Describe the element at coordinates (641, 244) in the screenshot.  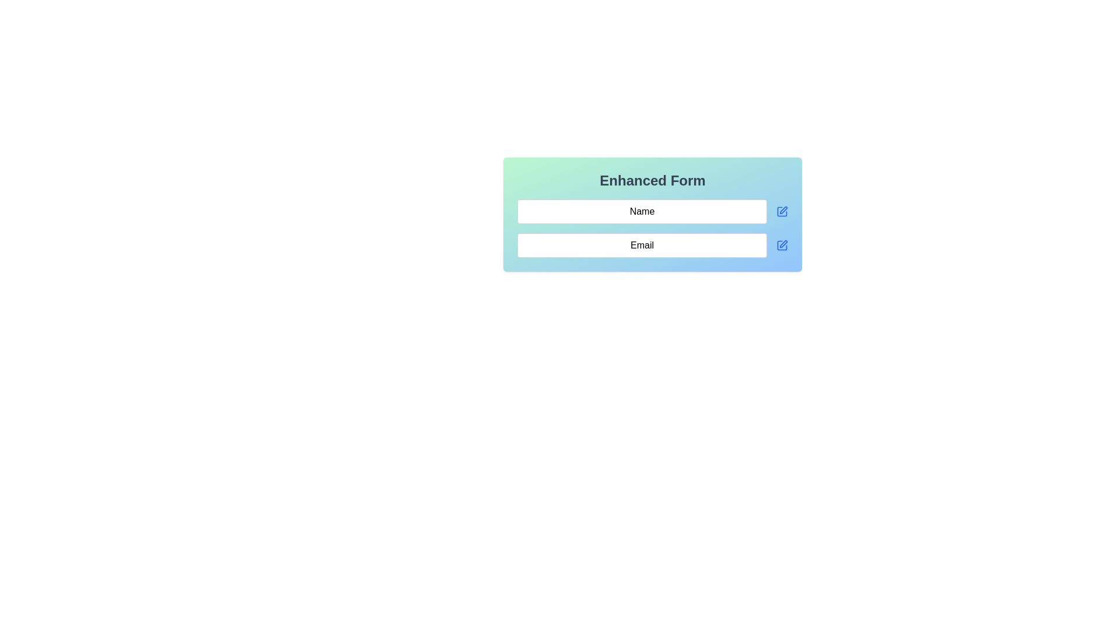
I see `on the email address input field located below the 'Name' field in the 'Enhanced Form'` at that location.